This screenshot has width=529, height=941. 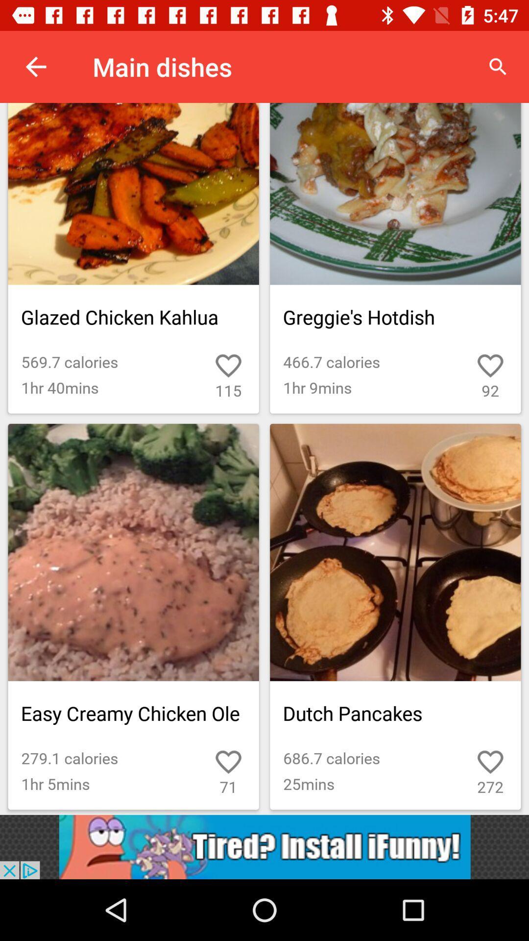 I want to click on the text which is above the 5697 calories, so click(x=134, y=317).